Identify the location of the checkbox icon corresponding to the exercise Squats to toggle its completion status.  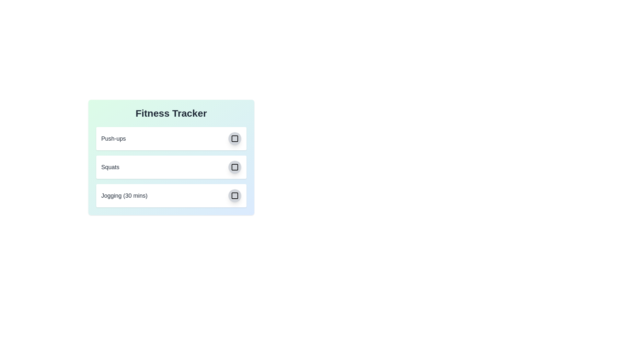
(234, 167).